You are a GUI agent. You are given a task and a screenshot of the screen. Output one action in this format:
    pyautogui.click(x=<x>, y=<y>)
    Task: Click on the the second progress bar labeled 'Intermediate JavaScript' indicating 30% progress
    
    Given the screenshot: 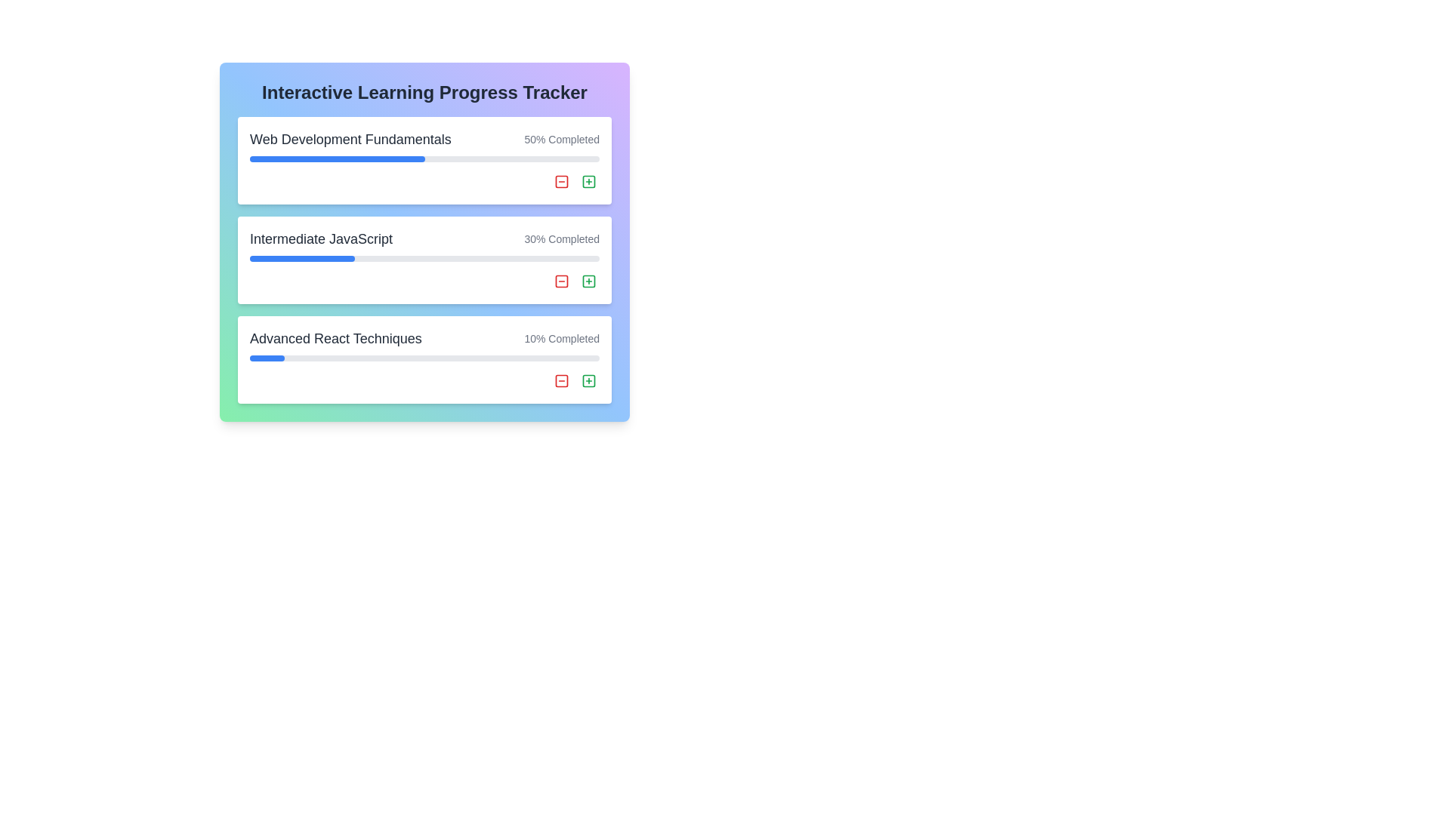 What is the action you would take?
    pyautogui.click(x=424, y=259)
    